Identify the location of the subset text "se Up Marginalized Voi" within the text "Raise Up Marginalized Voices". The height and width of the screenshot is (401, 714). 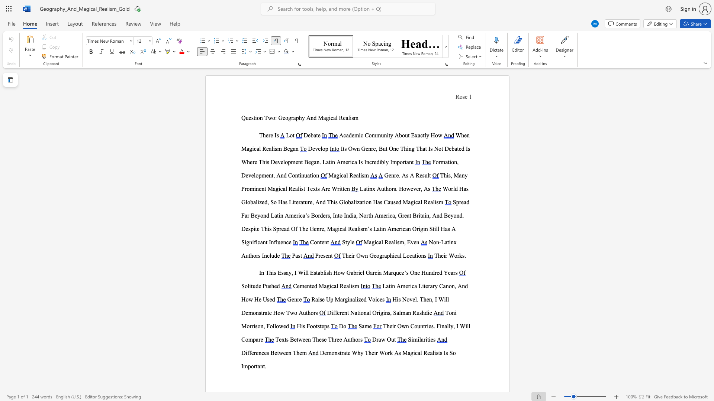
(319, 299).